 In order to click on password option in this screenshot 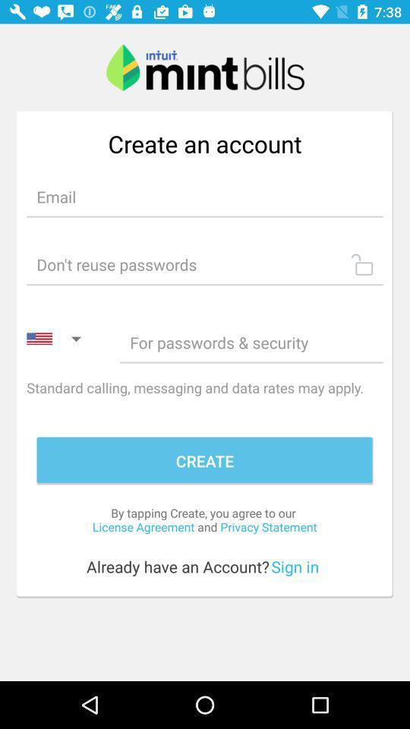, I will do `click(251, 342)`.